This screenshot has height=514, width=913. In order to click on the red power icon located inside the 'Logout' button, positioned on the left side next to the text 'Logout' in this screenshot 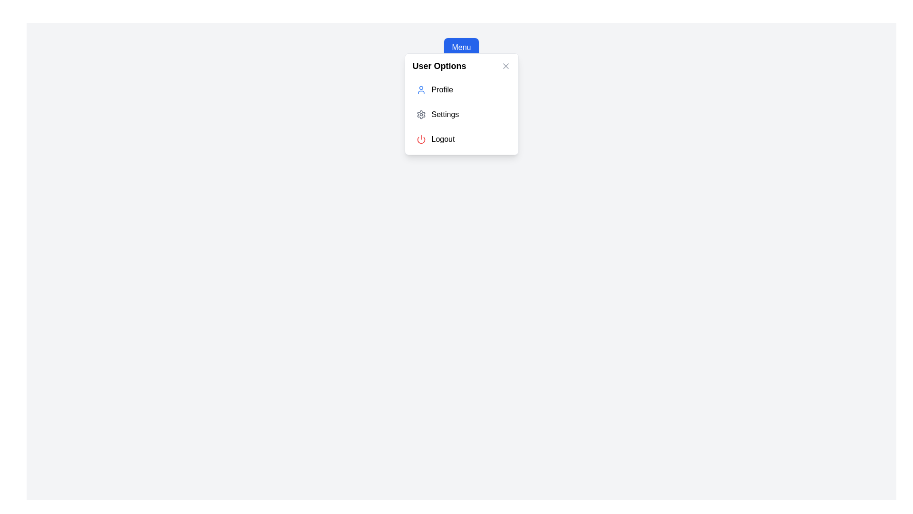, I will do `click(420, 139)`.